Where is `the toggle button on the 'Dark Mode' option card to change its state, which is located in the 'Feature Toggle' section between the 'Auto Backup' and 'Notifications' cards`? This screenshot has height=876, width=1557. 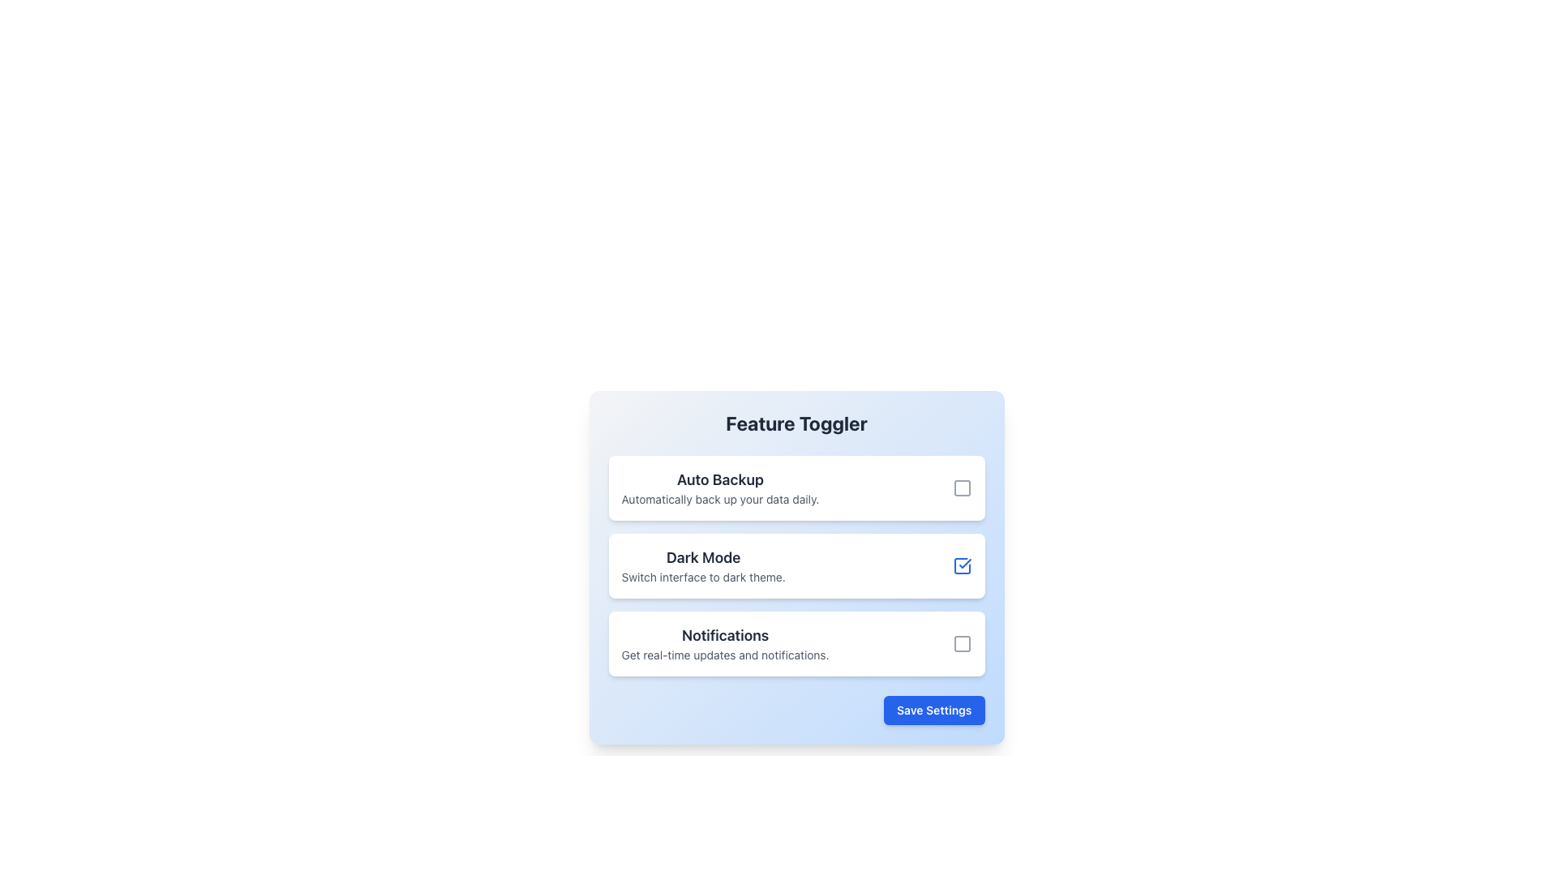 the toggle button on the 'Dark Mode' option card to change its state, which is located in the 'Feature Toggle' section between the 'Auto Backup' and 'Notifications' cards is located at coordinates (796, 565).